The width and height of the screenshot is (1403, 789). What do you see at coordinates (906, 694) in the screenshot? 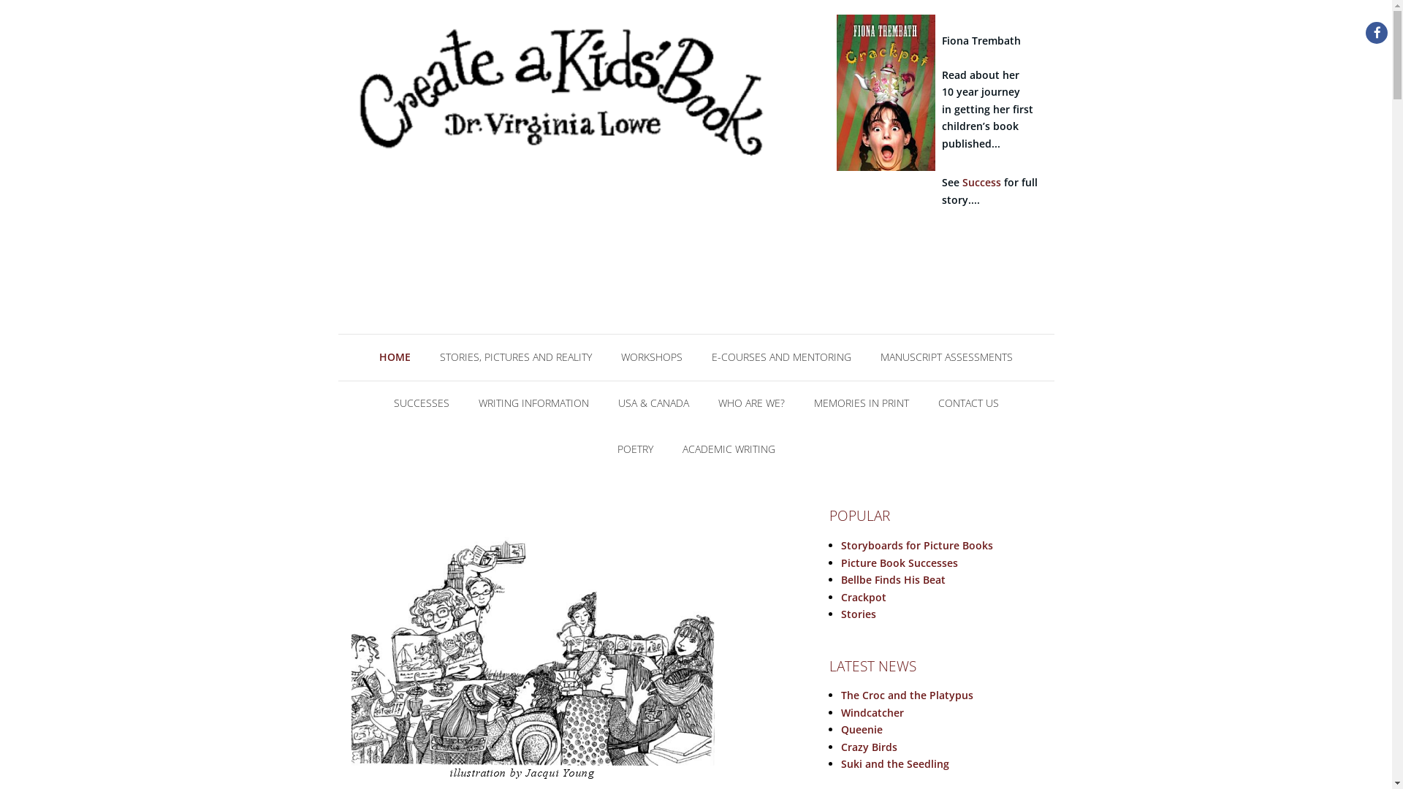
I see `'The Croc and the Platypus'` at bounding box center [906, 694].